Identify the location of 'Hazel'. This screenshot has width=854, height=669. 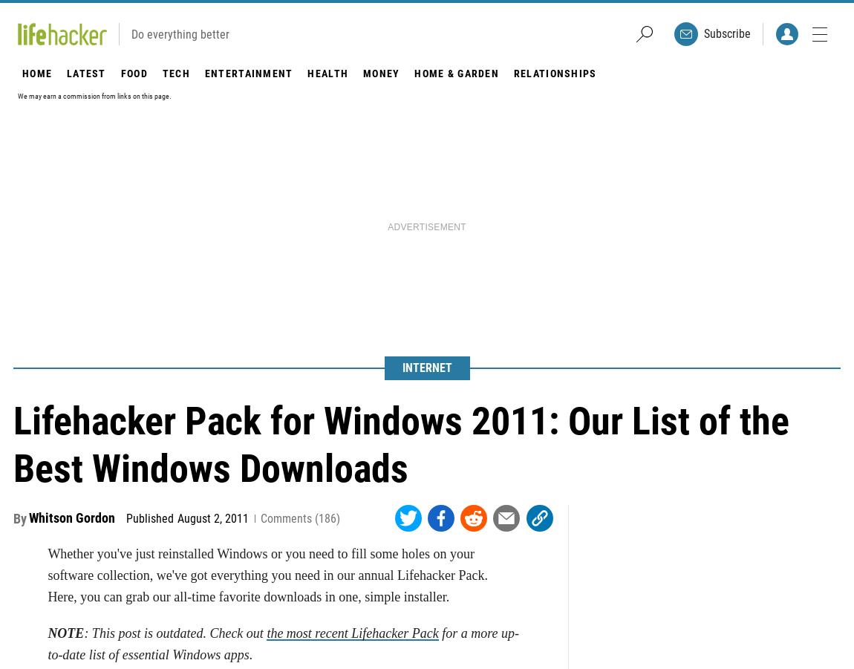
(463, 355).